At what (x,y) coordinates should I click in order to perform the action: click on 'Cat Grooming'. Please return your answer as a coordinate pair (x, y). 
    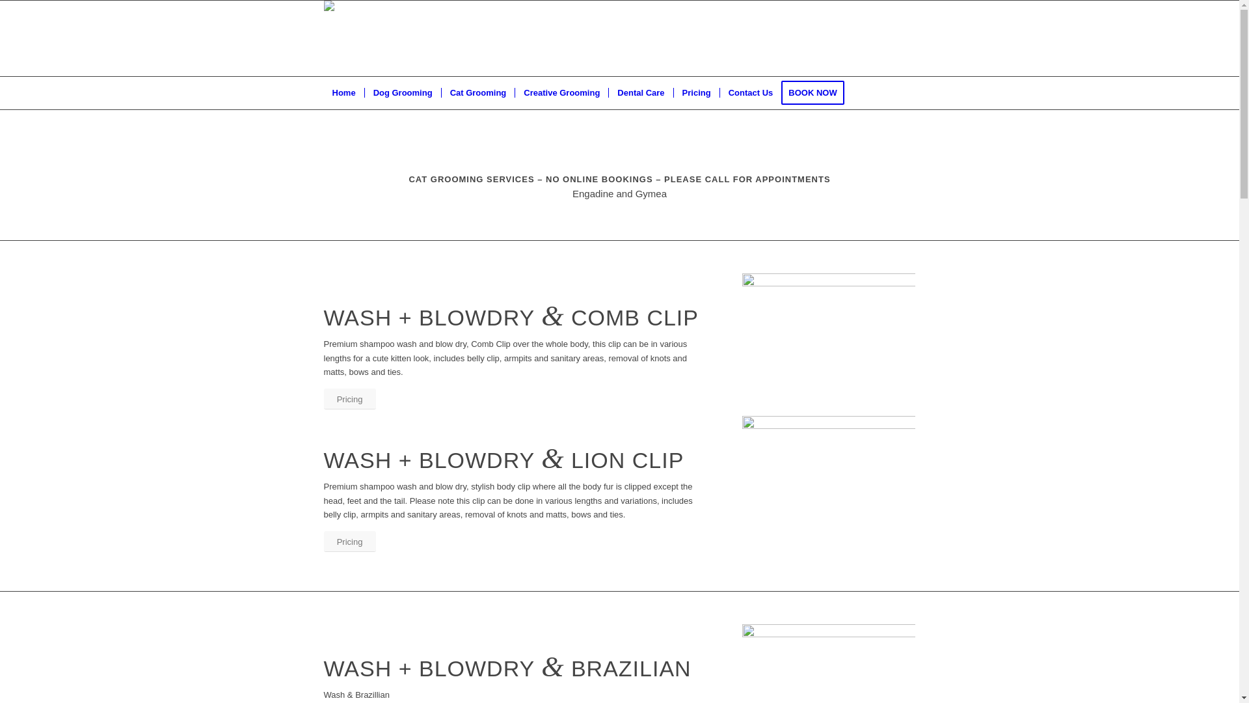
    Looking at the image, I should click on (477, 92).